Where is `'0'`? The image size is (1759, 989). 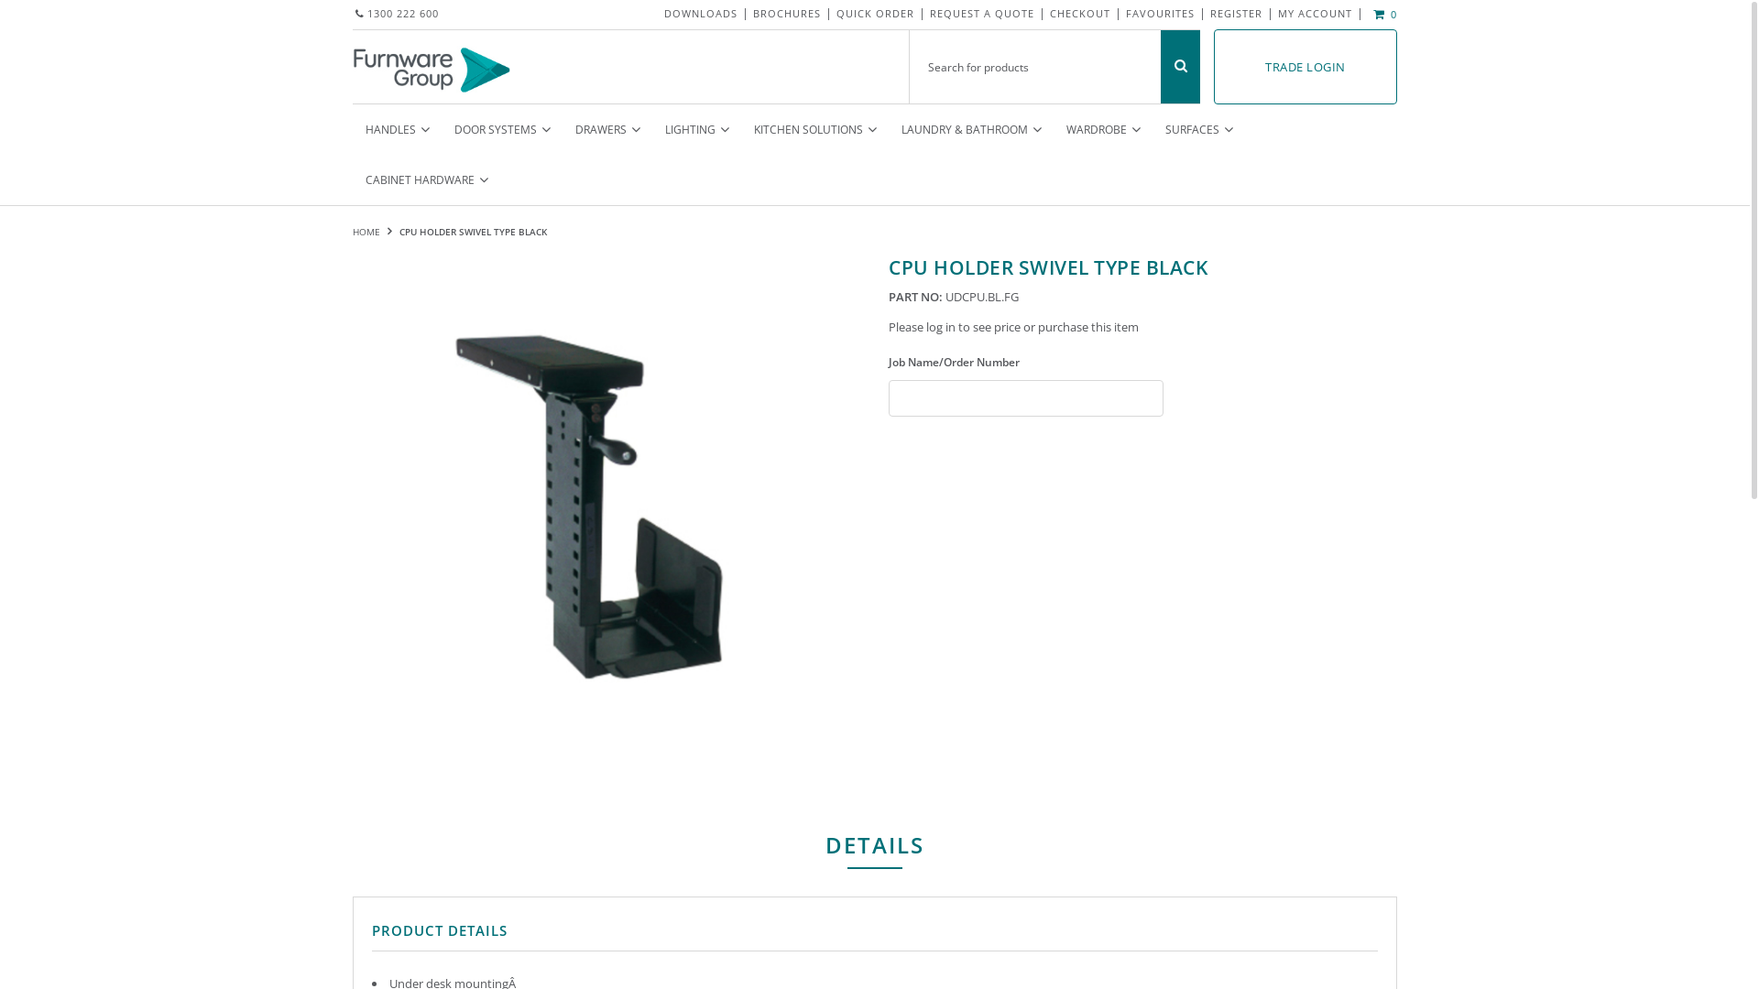 '0' is located at coordinates (1382, 14).